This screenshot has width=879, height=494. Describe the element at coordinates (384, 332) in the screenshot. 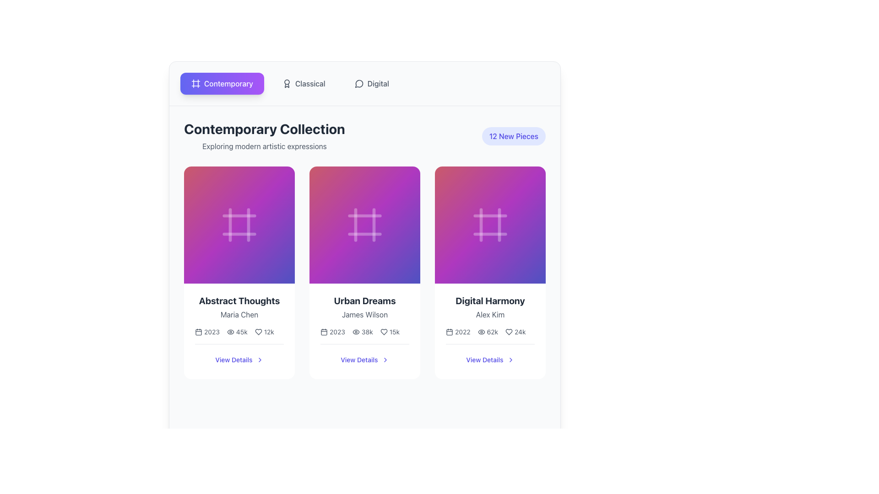

I see `the heart-like icon used for liking or favoriting within the 'Urban Dreams' card by James Wilson` at that location.